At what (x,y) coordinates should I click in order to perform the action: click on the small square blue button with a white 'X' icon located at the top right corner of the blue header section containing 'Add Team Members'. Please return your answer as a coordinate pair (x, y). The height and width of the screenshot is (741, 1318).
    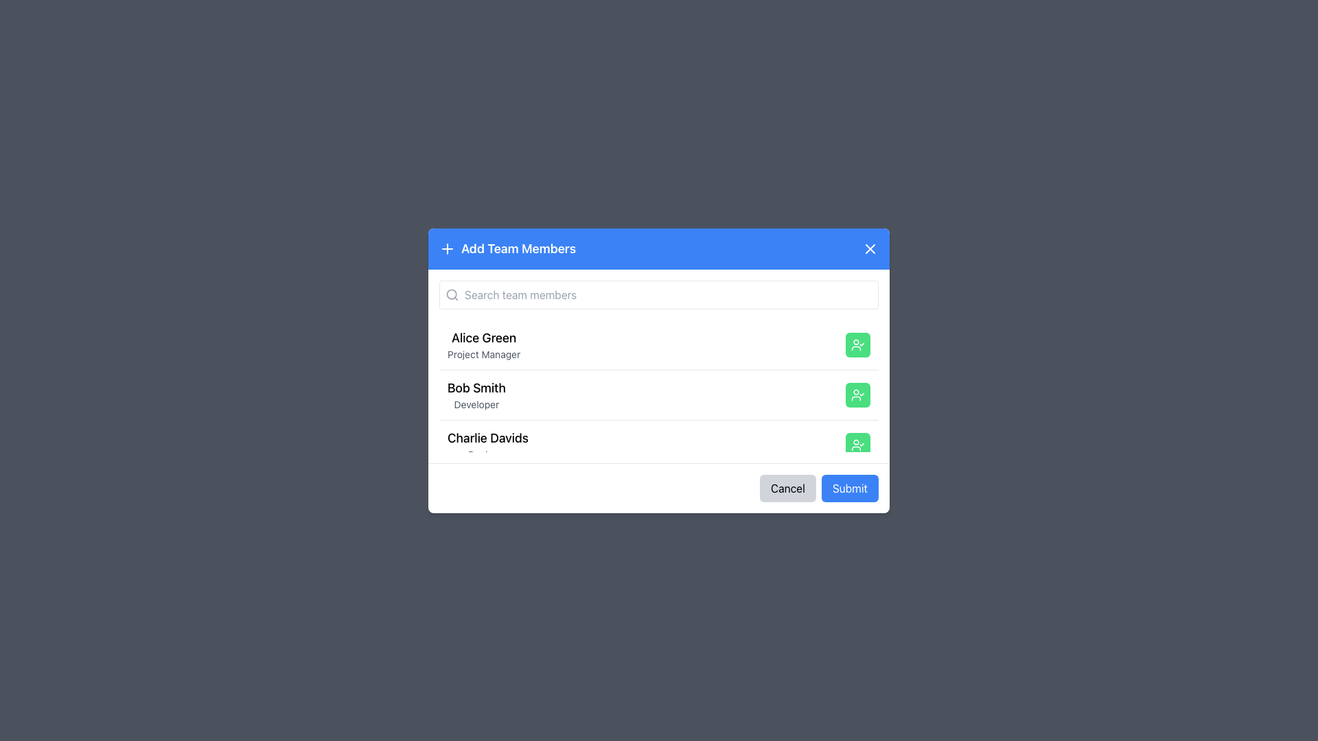
    Looking at the image, I should click on (869, 248).